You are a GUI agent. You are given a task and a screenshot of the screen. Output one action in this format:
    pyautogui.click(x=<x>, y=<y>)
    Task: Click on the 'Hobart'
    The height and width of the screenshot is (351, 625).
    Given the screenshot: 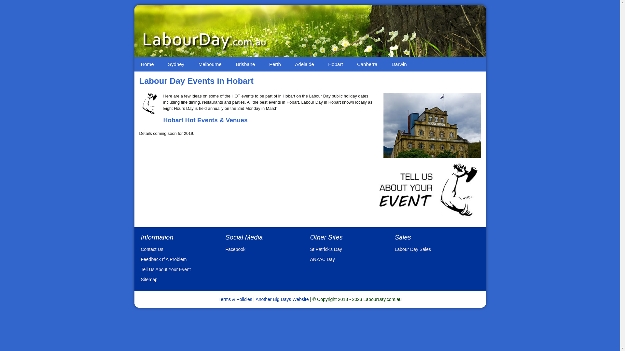 What is the action you would take?
    pyautogui.click(x=335, y=64)
    